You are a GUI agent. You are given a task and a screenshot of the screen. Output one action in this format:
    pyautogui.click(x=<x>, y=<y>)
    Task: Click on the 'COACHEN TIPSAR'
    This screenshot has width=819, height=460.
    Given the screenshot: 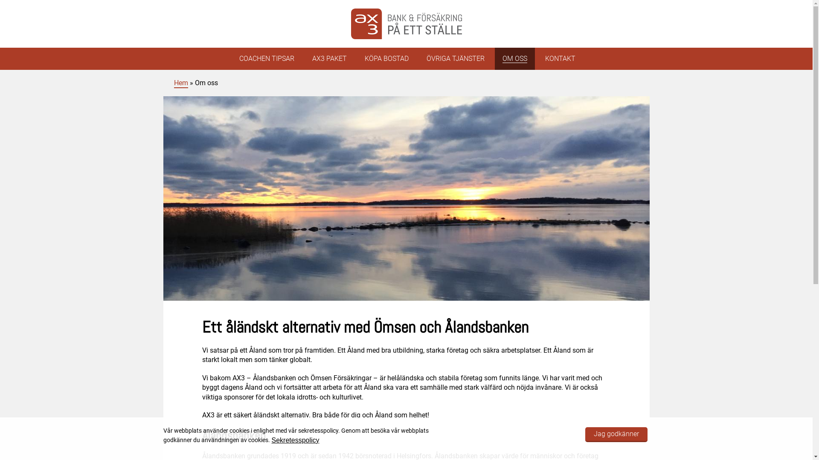 What is the action you would take?
    pyautogui.click(x=266, y=58)
    